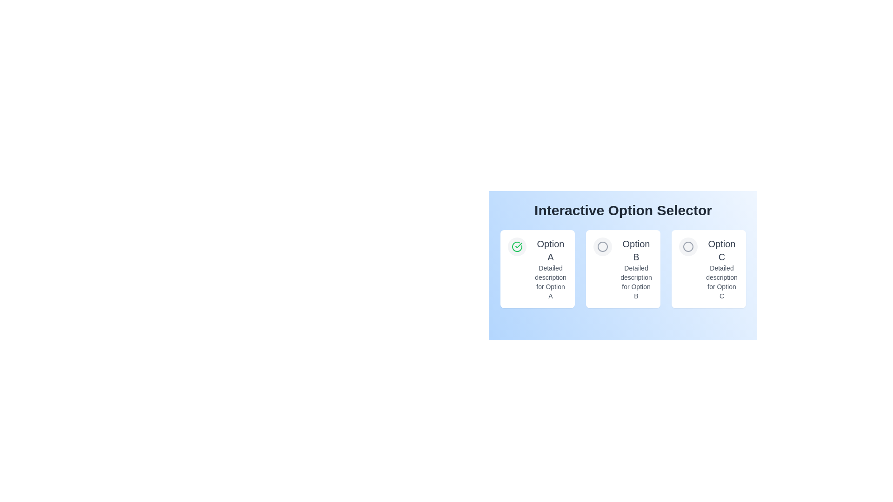  What do you see at coordinates (603, 246) in the screenshot?
I see `the 'Option B' radio button within the Interactive Option Selector interface to observe any tooltip that may appear` at bounding box center [603, 246].